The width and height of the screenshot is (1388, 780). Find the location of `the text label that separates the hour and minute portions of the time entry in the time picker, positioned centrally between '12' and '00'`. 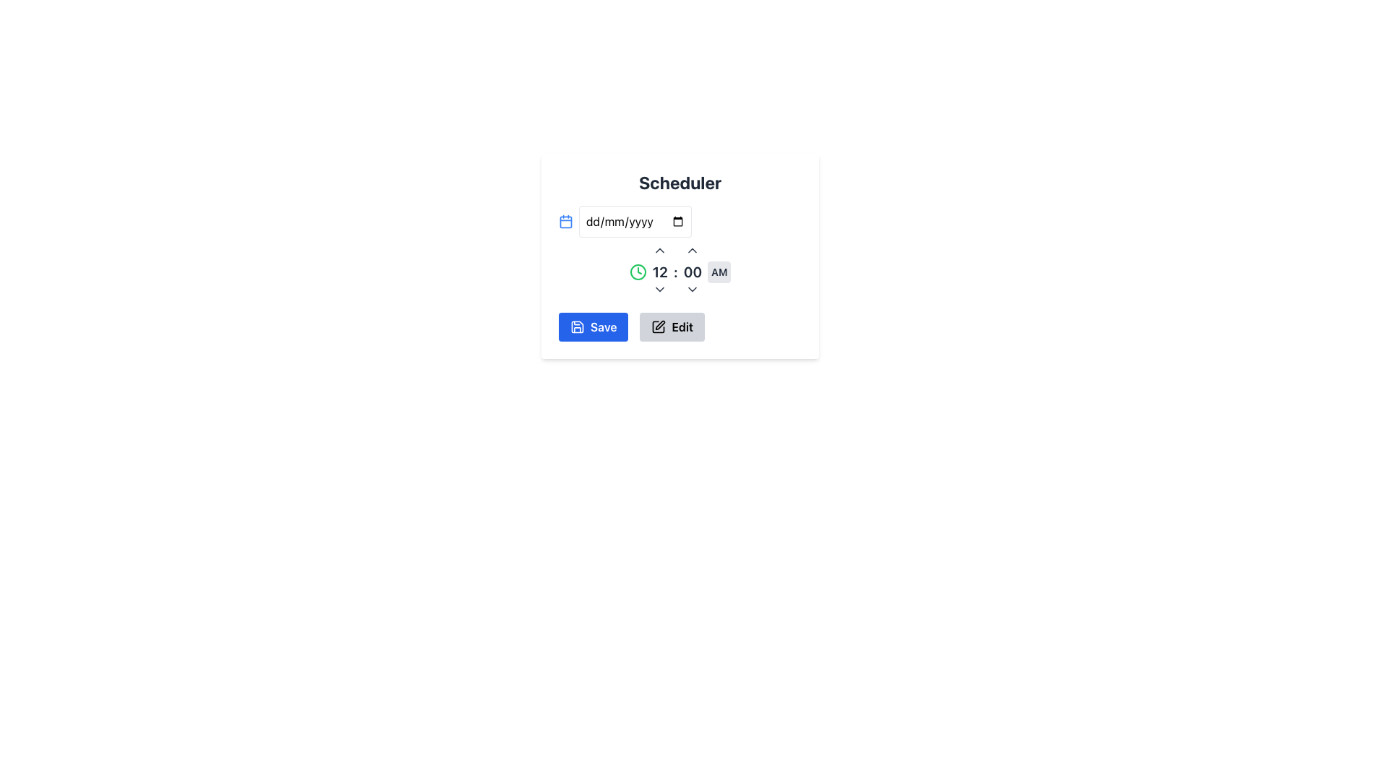

the text label that separates the hour and minute portions of the time entry in the time picker, positioned centrally between '12' and '00' is located at coordinates (674, 272).